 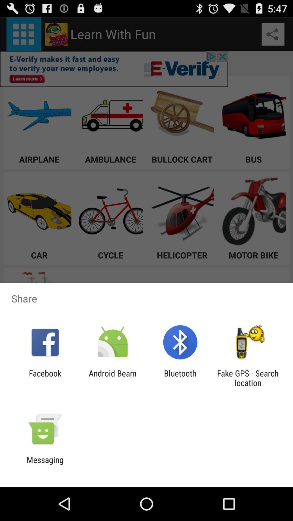 What do you see at coordinates (112, 378) in the screenshot?
I see `item next to facebook` at bounding box center [112, 378].